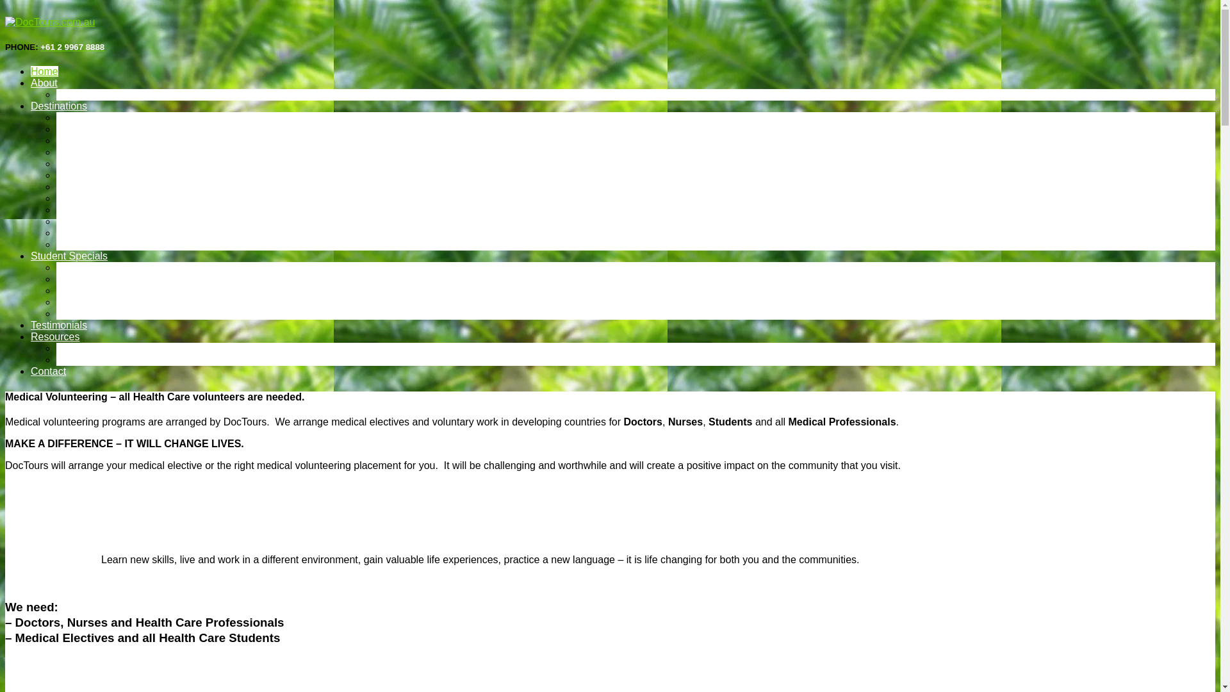 The image size is (1230, 692). Describe the element at coordinates (179, 220) in the screenshot. I see `'Medical Electives in Vietnam and Medical Volunteering'` at that location.